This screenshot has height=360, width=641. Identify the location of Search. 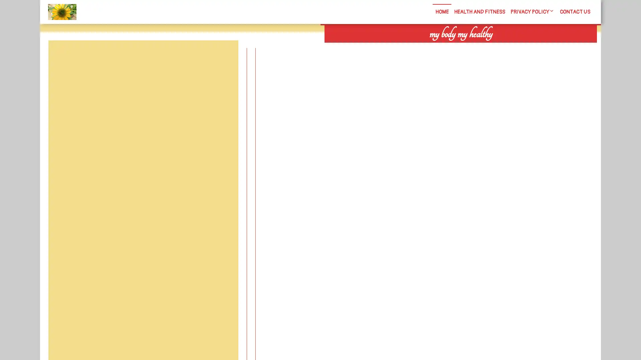
(223, 56).